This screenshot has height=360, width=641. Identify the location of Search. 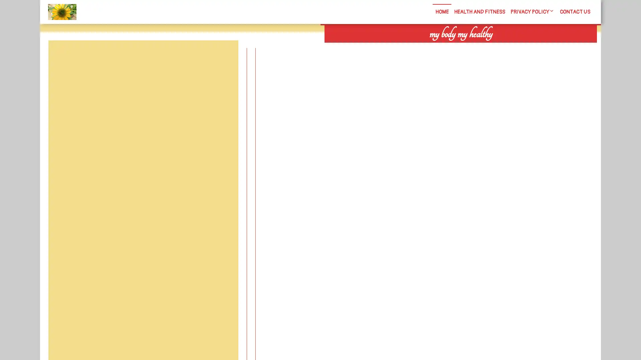
(223, 56).